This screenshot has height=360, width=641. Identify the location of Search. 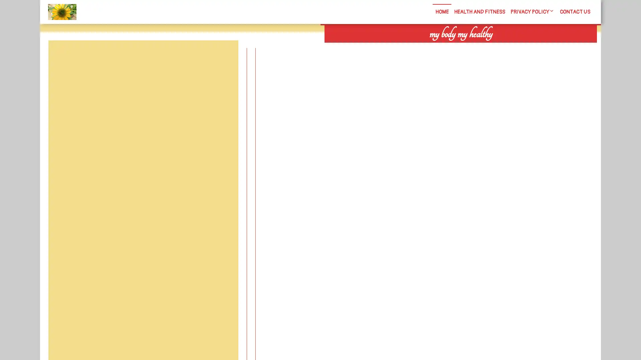
(223, 56).